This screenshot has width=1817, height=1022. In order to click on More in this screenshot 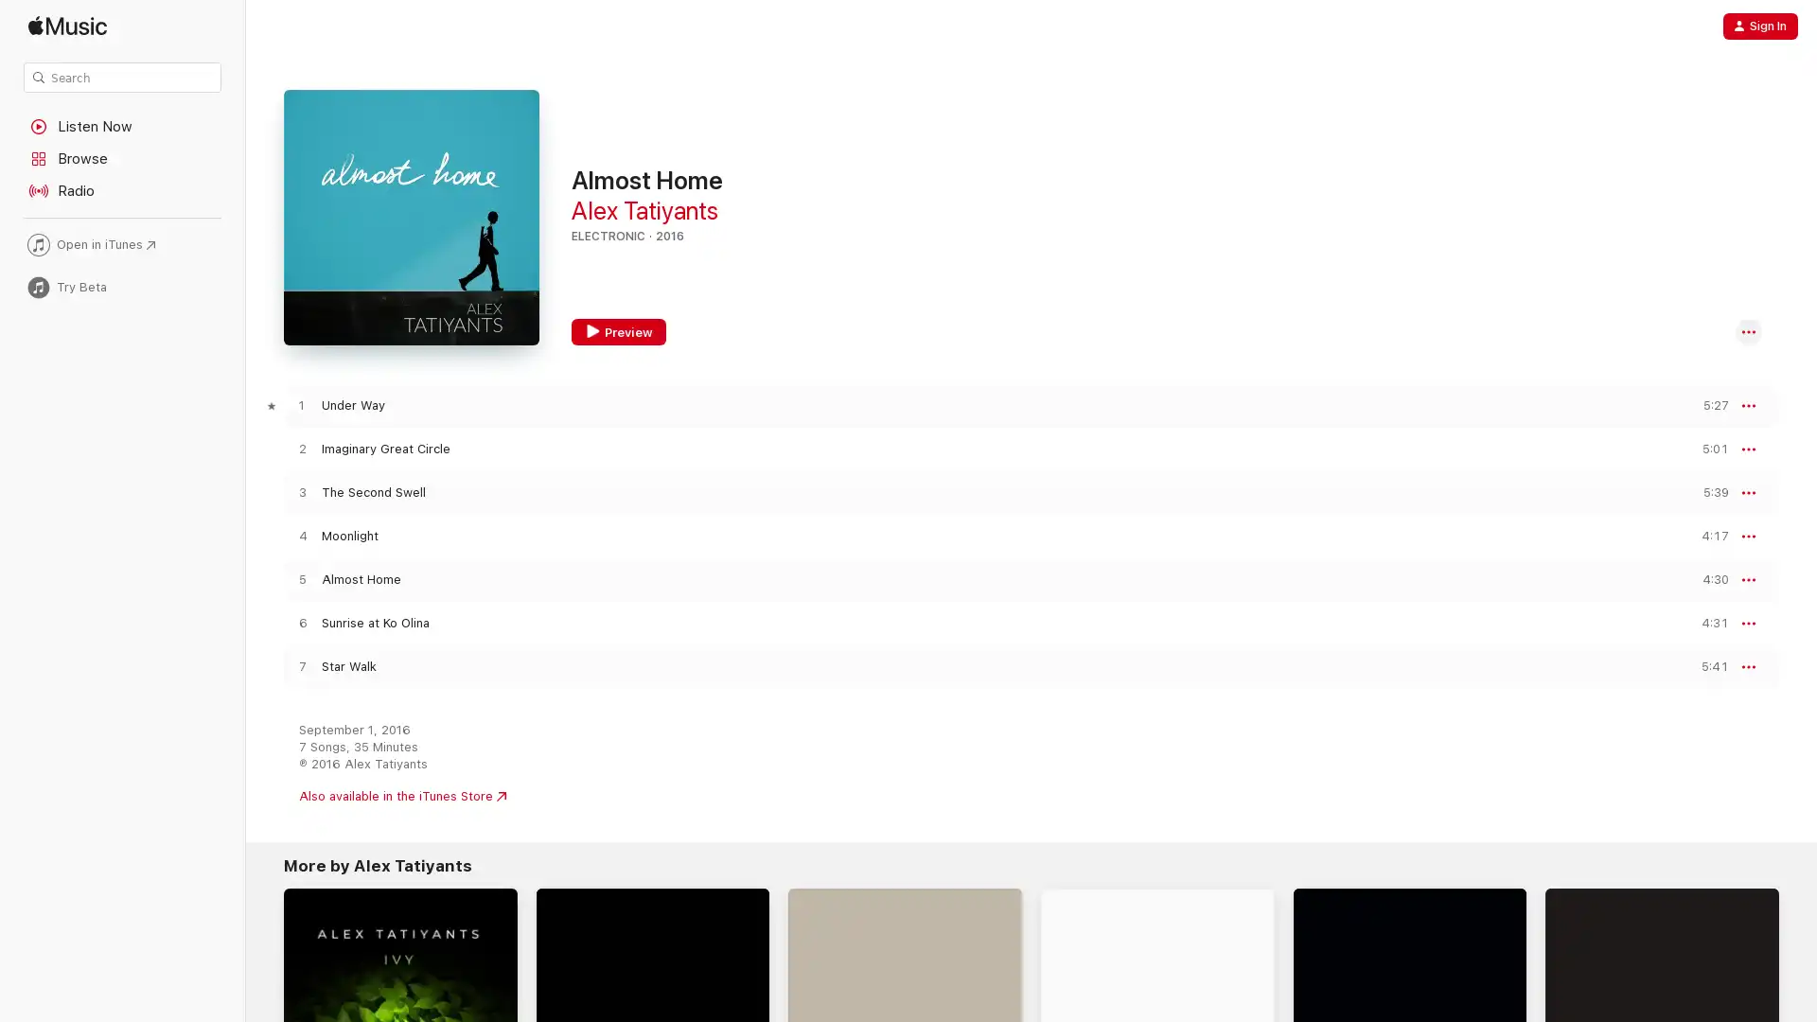, I will do `click(1748, 449)`.